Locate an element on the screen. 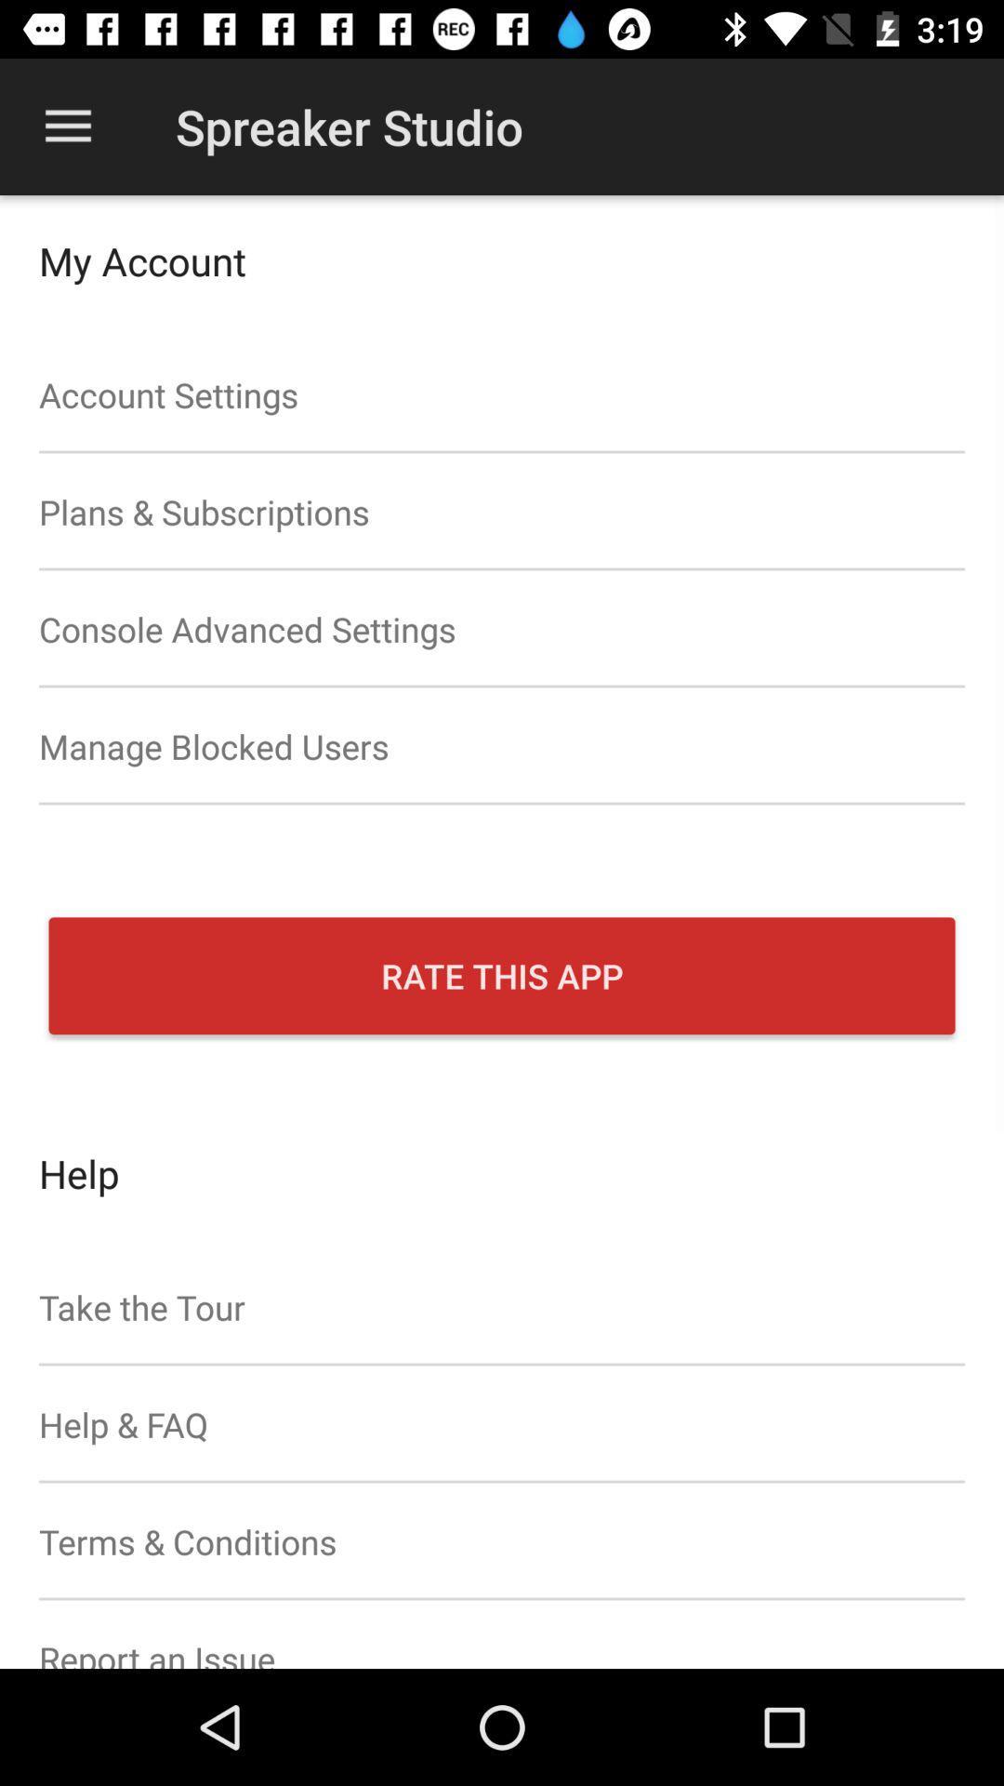 Image resolution: width=1004 pixels, height=1786 pixels. the plans & subscriptions icon is located at coordinates (502, 512).